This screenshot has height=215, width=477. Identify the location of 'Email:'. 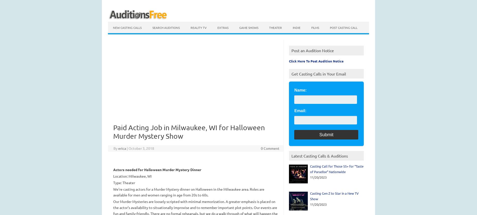
(300, 110).